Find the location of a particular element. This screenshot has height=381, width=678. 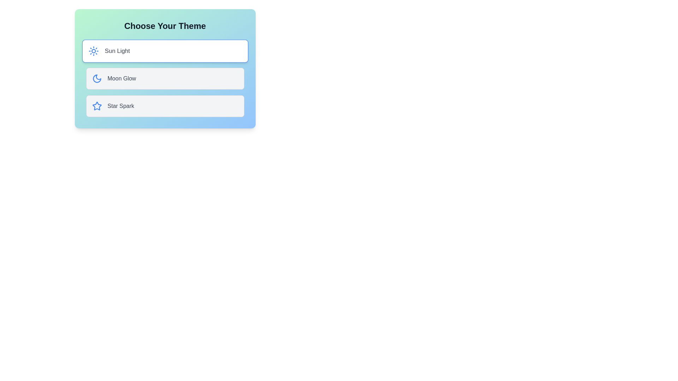

the panel with selectable options titled 'Choose Your Theme' is located at coordinates (165, 69).